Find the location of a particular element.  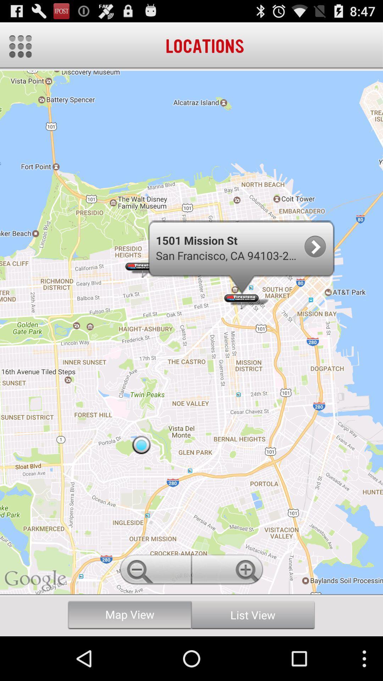

menu option is located at coordinates (20, 46).